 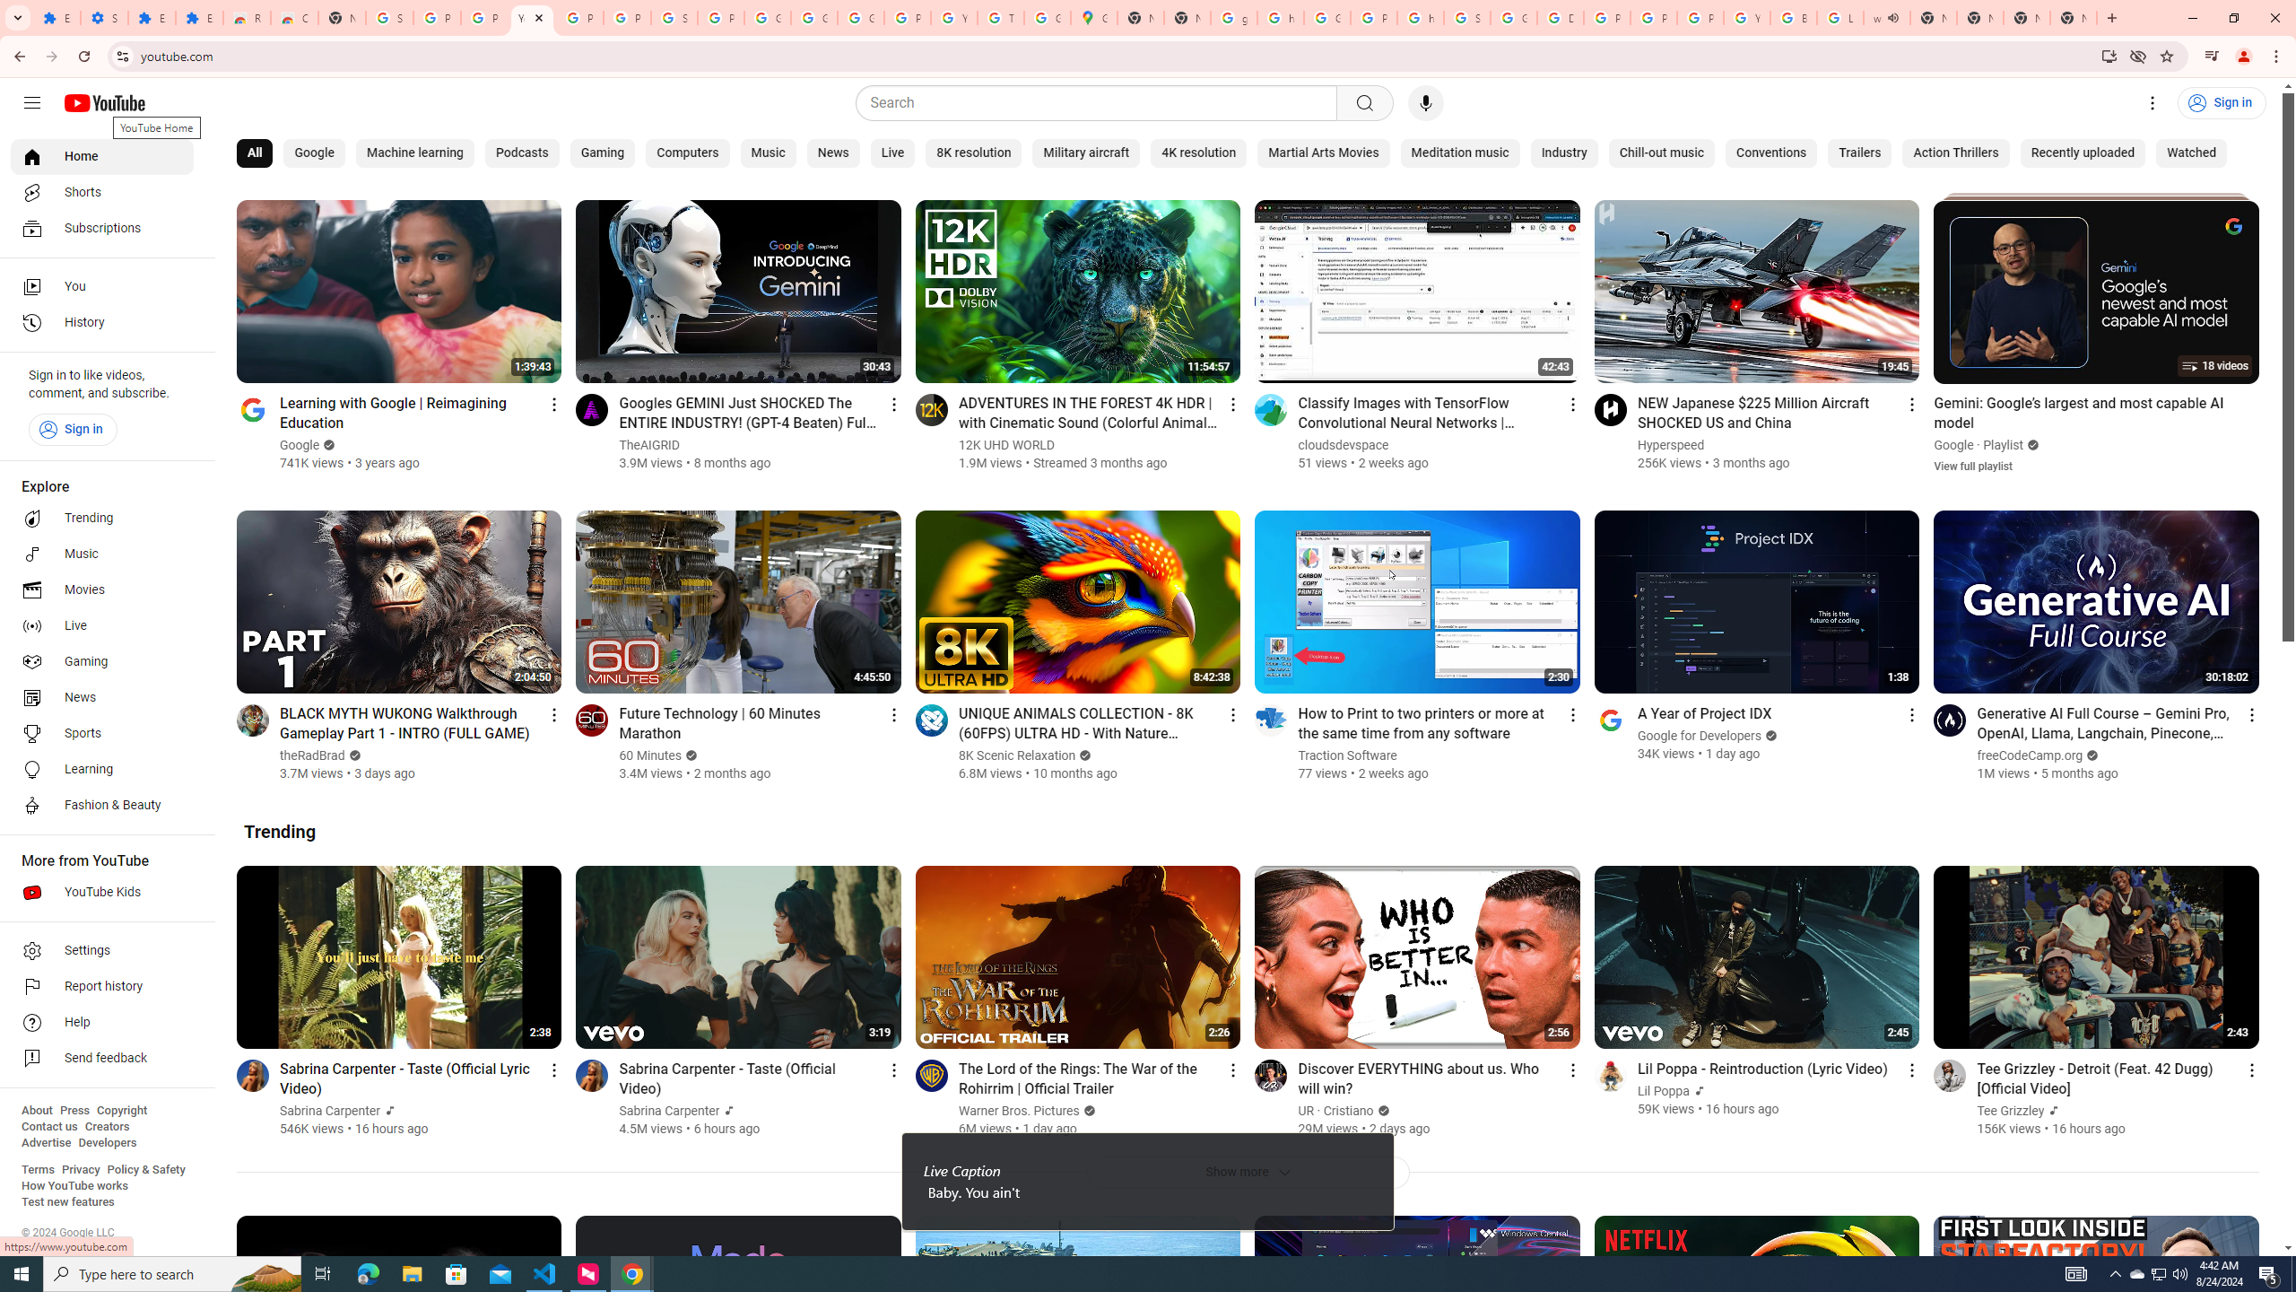 What do you see at coordinates (101, 227) in the screenshot?
I see `'Subscriptions'` at bounding box center [101, 227].